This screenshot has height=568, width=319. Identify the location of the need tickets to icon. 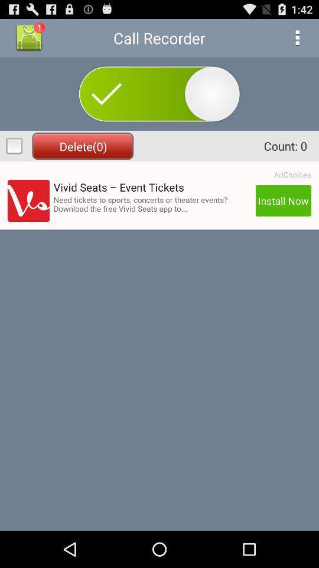
(152, 204).